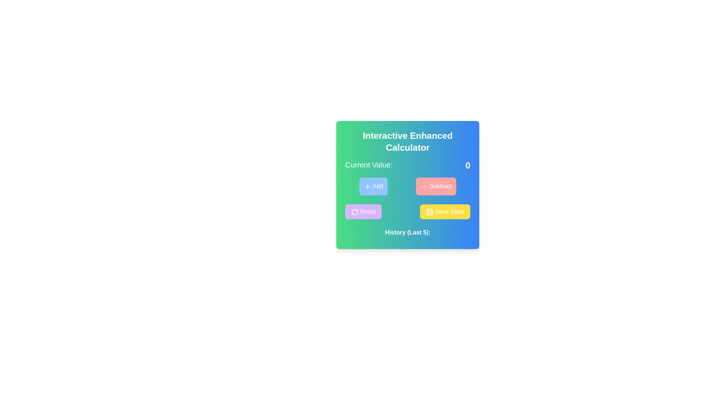 This screenshot has height=402, width=715. What do you see at coordinates (436, 186) in the screenshot?
I see `the 'Subtract' button, which is a rectangular button with rounded corners and a red background, located to the right of the 'Add' button in the calculator interface` at bounding box center [436, 186].